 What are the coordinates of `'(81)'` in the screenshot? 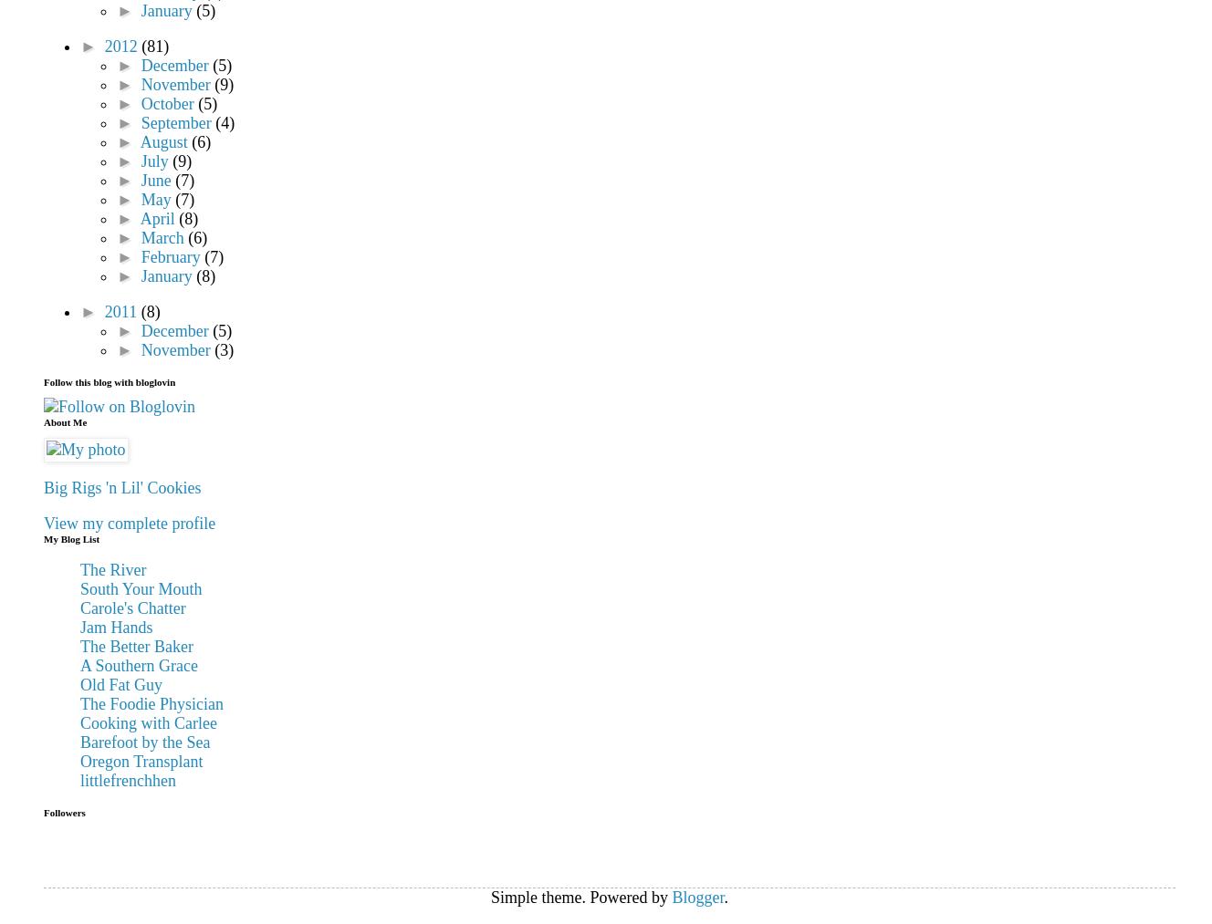 It's located at (154, 45).